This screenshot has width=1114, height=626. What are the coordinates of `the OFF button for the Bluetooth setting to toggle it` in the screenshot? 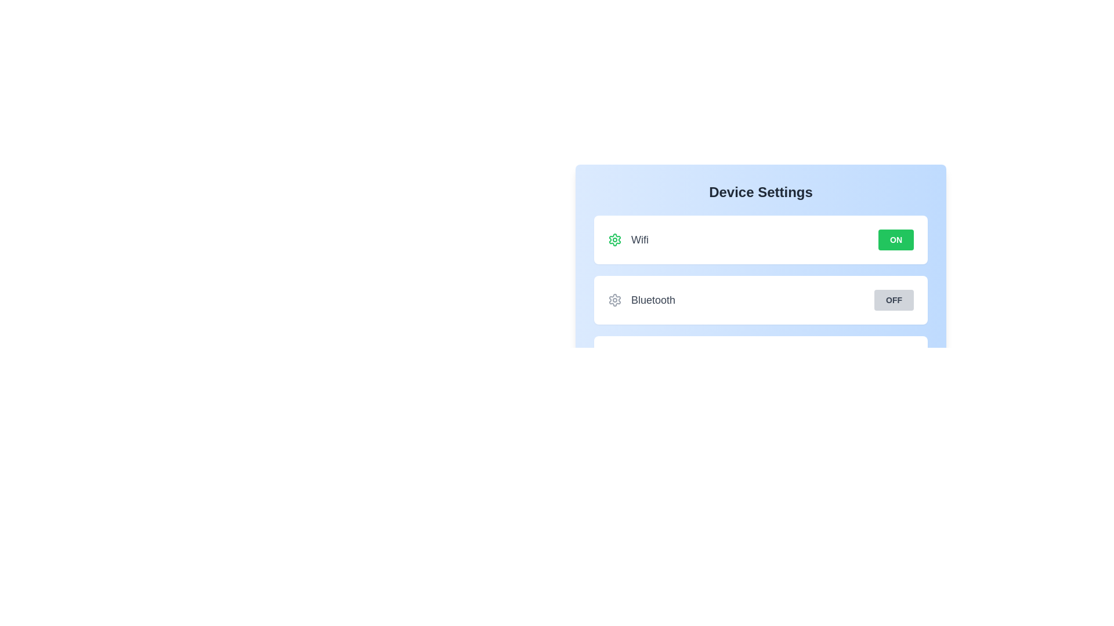 It's located at (893, 299).